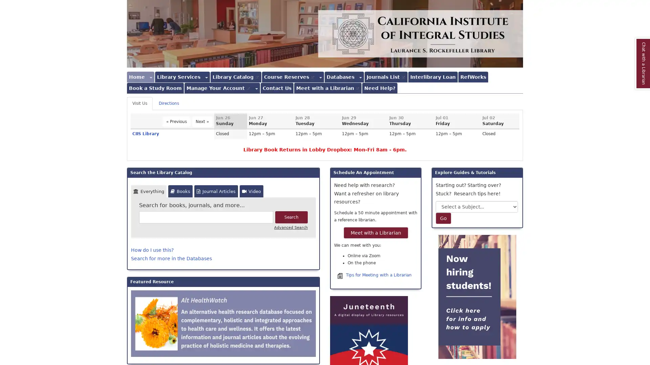  What do you see at coordinates (176, 121) in the screenshot?
I see `Previous` at bounding box center [176, 121].